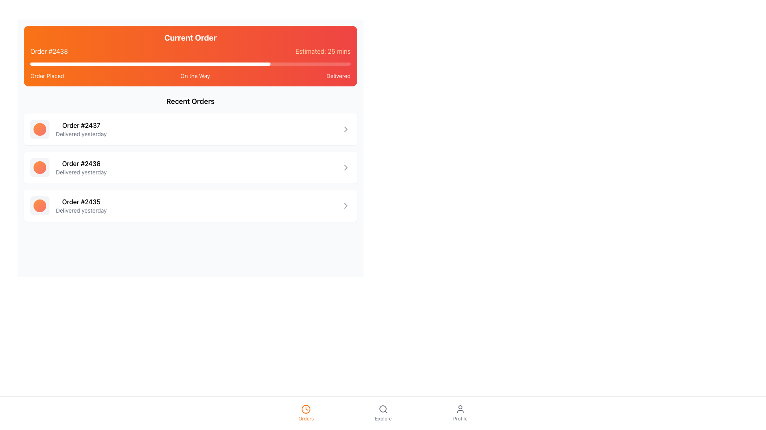 This screenshot has width=766, height=430. What do you see at coordinates (110, 64) in the screenshot?
I see `the left portion of the progress bar segment that visually represents the progress state of the ongoing process, located under the 'Current Order' title` at bounding box center [110, 64].